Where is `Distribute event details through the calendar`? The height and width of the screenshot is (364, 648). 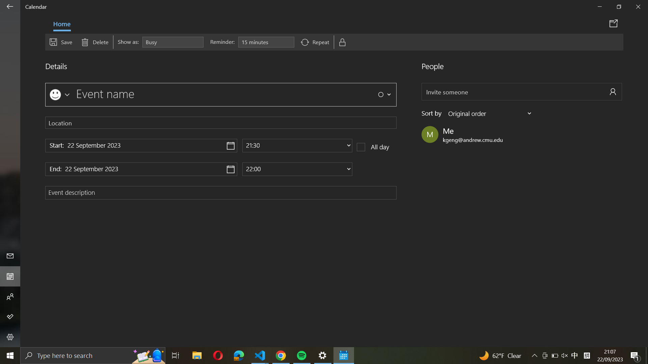 Distribute event details through the calendar is located at coordinates (615, 23).